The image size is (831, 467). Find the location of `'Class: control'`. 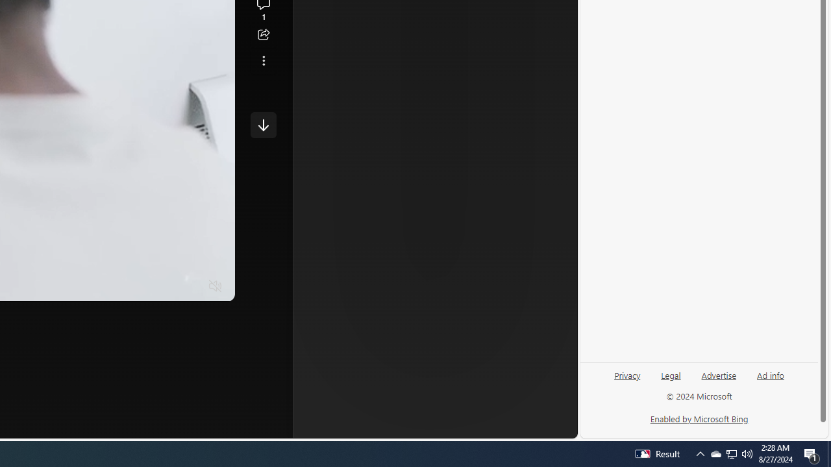

'Class: control' is located at coordinates (263, 125).